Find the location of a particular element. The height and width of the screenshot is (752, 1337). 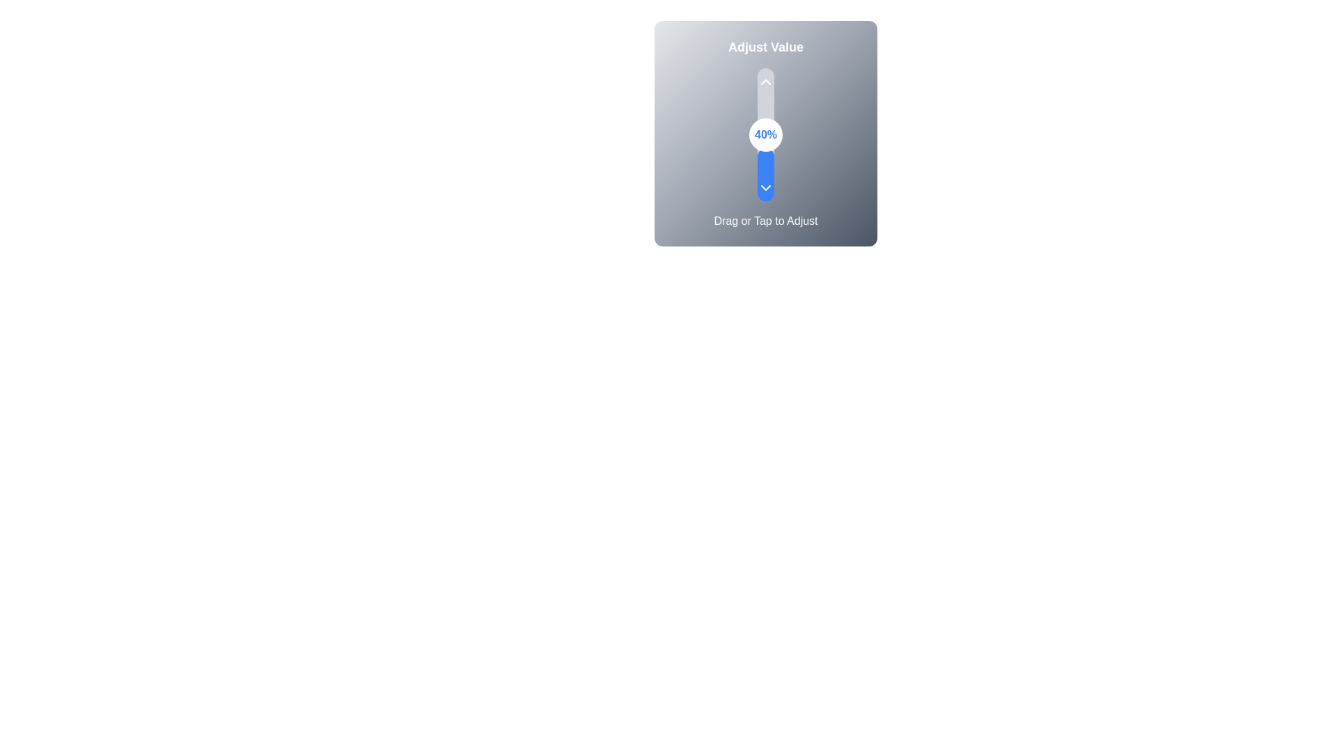

the slider value is located at coordinates (765, 100).